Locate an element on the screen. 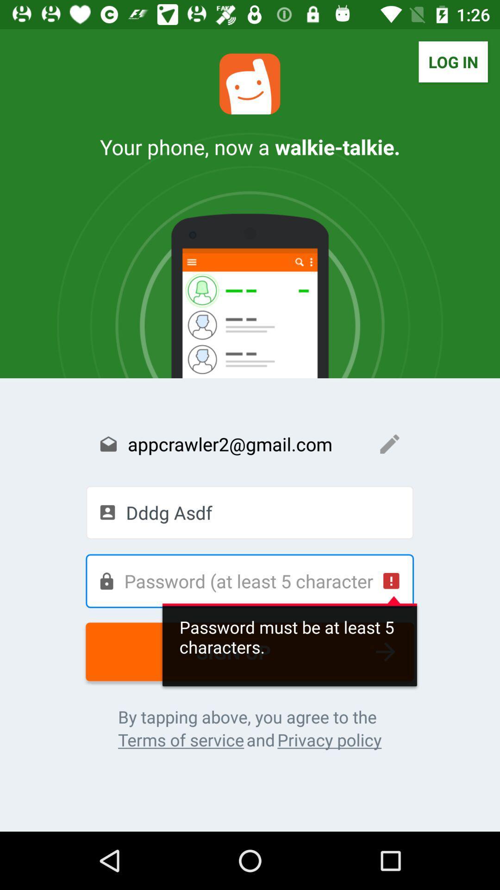 This screenshot has width=500, height=890. the field which is below text appcrawler2gmailcom is located at coordinates (249, 512).